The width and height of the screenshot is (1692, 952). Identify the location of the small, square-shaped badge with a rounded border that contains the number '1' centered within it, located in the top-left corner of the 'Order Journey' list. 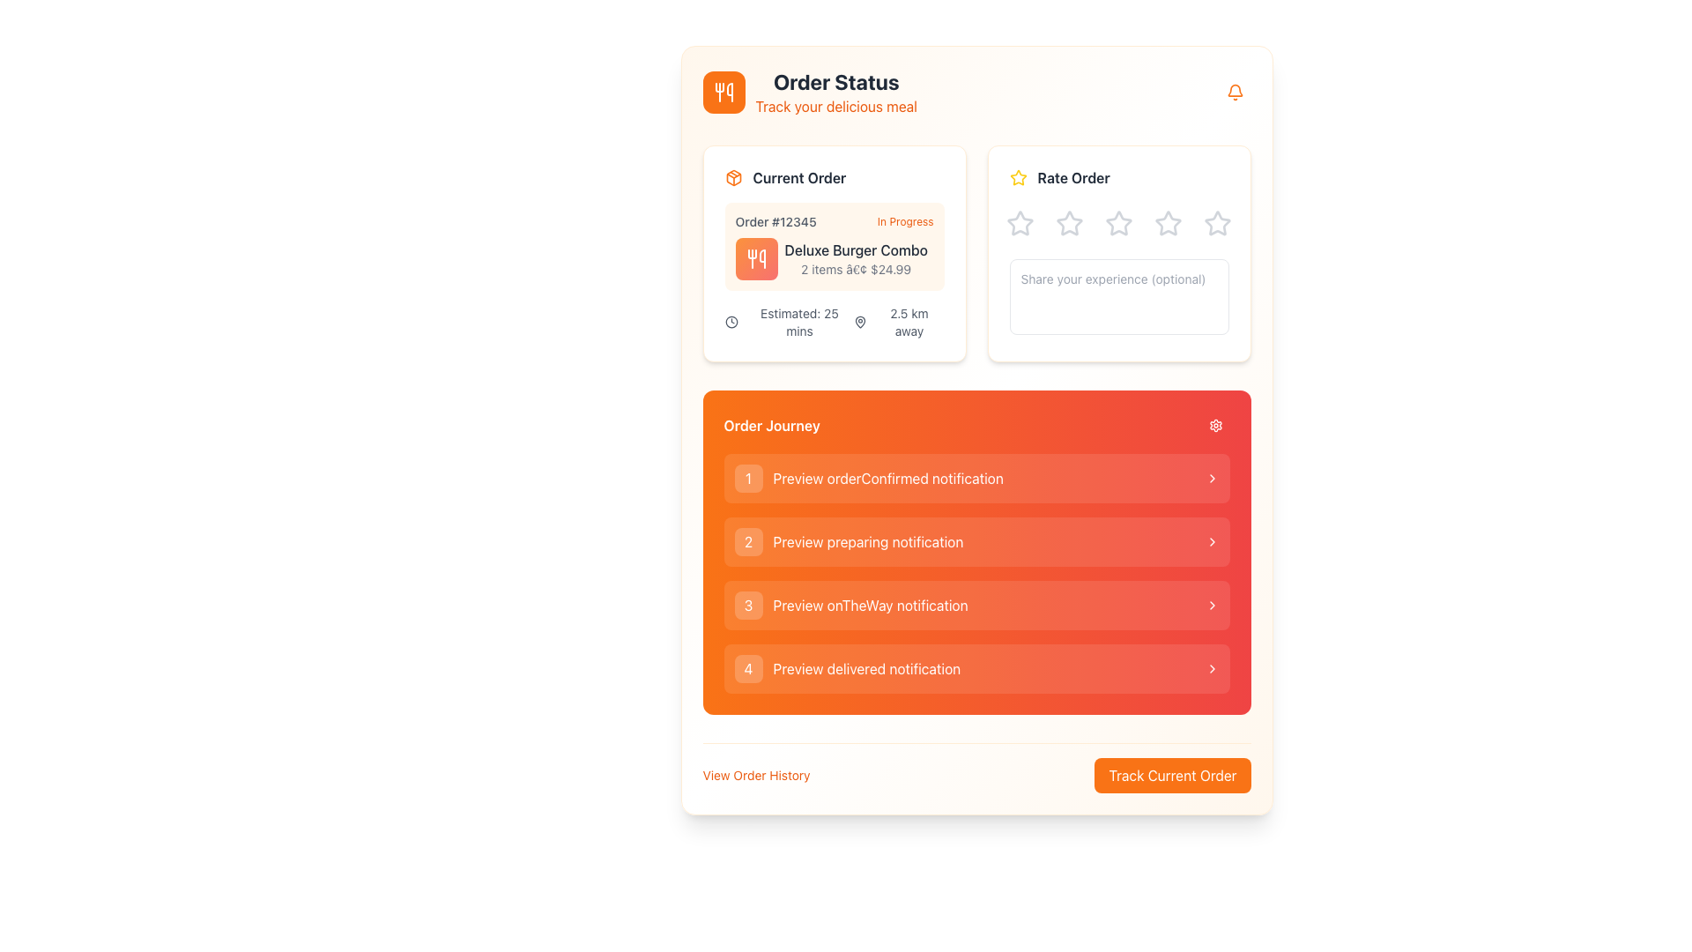
(748, 479).